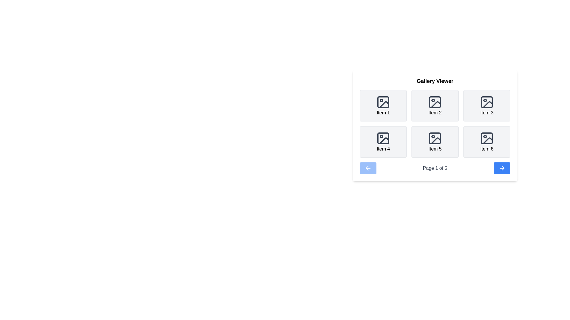  What do you see at coordinates (383, 102) in the screenshot?
I see `the decorative rectangle with rounded corners located in the upper-left corner of the grid in the gallery viewer interface` at bounding box center [383, 102].